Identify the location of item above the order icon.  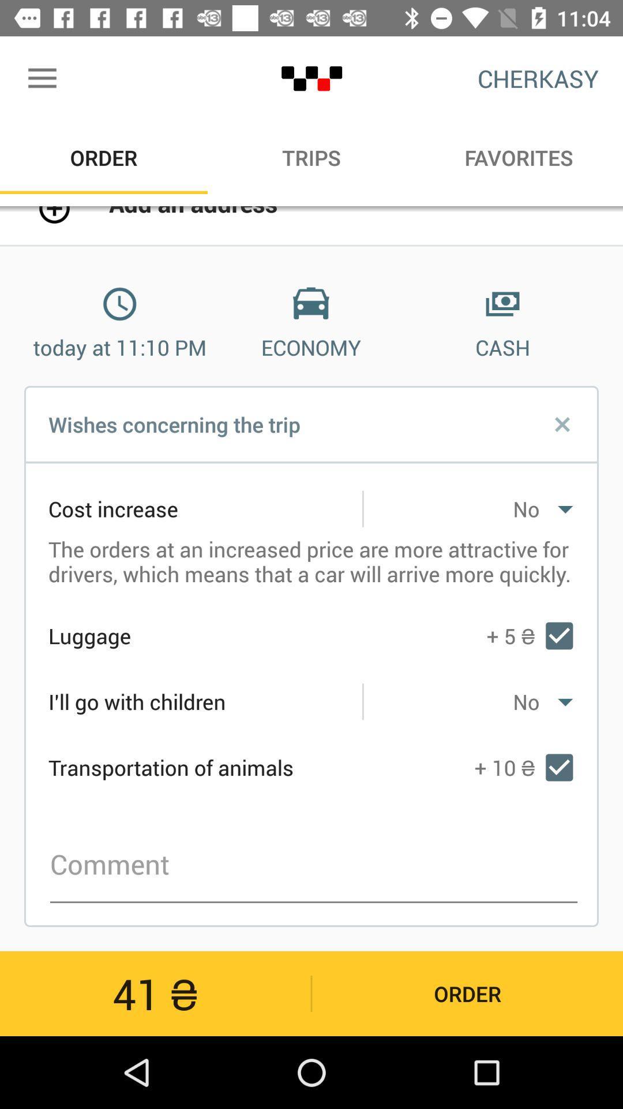
(42, 78).